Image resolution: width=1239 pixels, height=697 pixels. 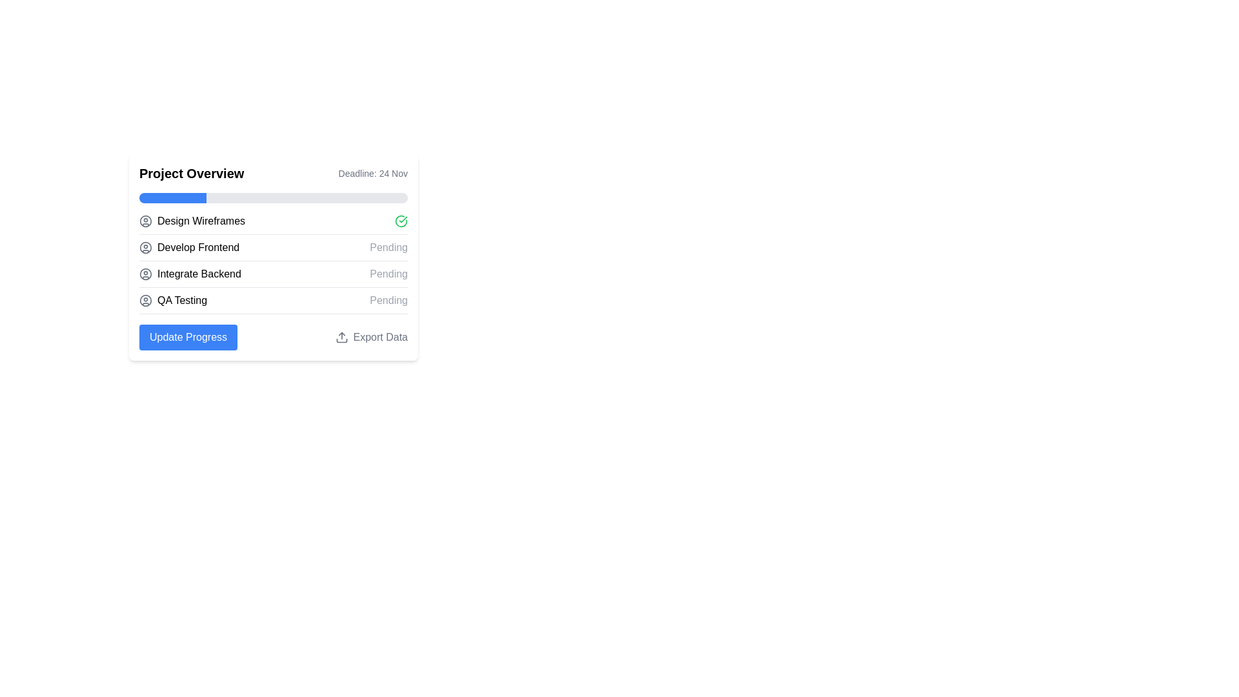 I want to click on the grey circular icon resembling a user avatar located to the left of the second row of list items under the 'Project Overview' section, so click(x=145, y=221).